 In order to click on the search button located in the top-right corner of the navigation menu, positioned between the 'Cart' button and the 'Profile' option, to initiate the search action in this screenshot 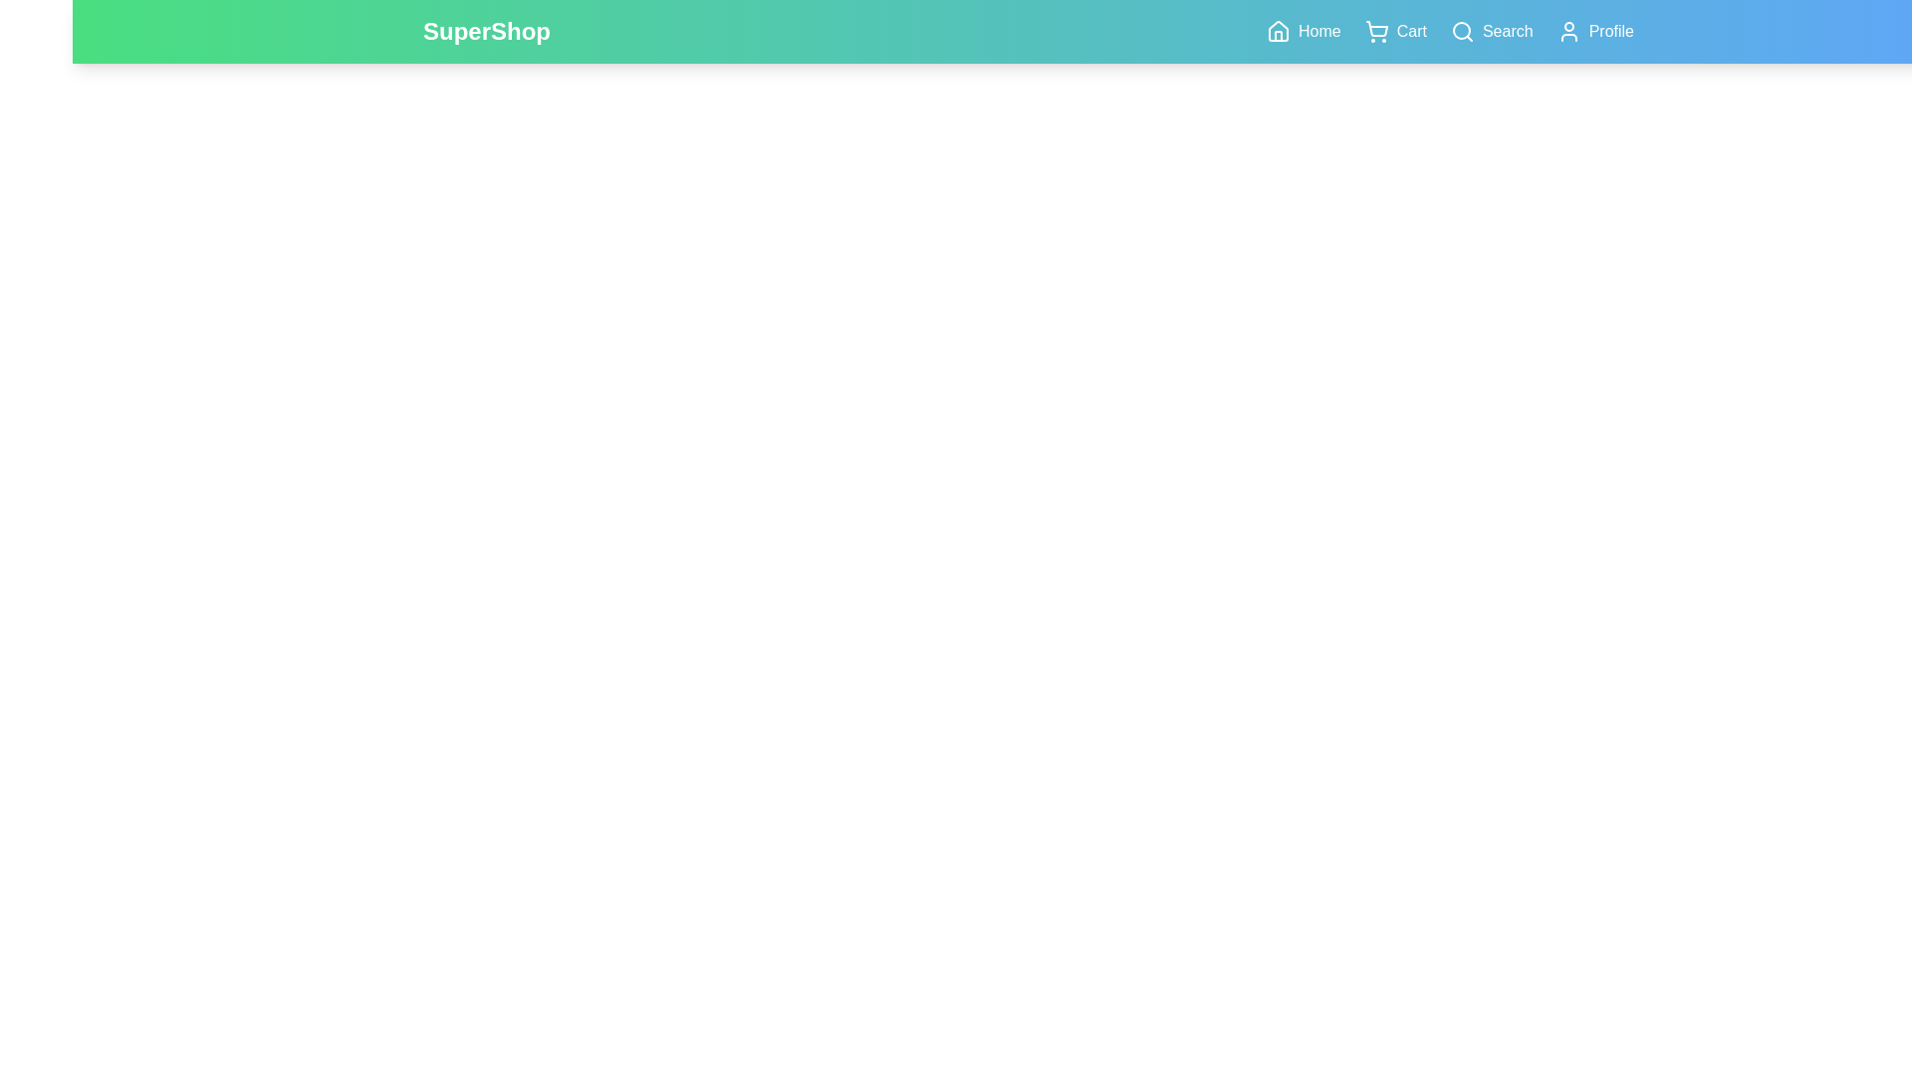, I will do `click(1491, 31)`.